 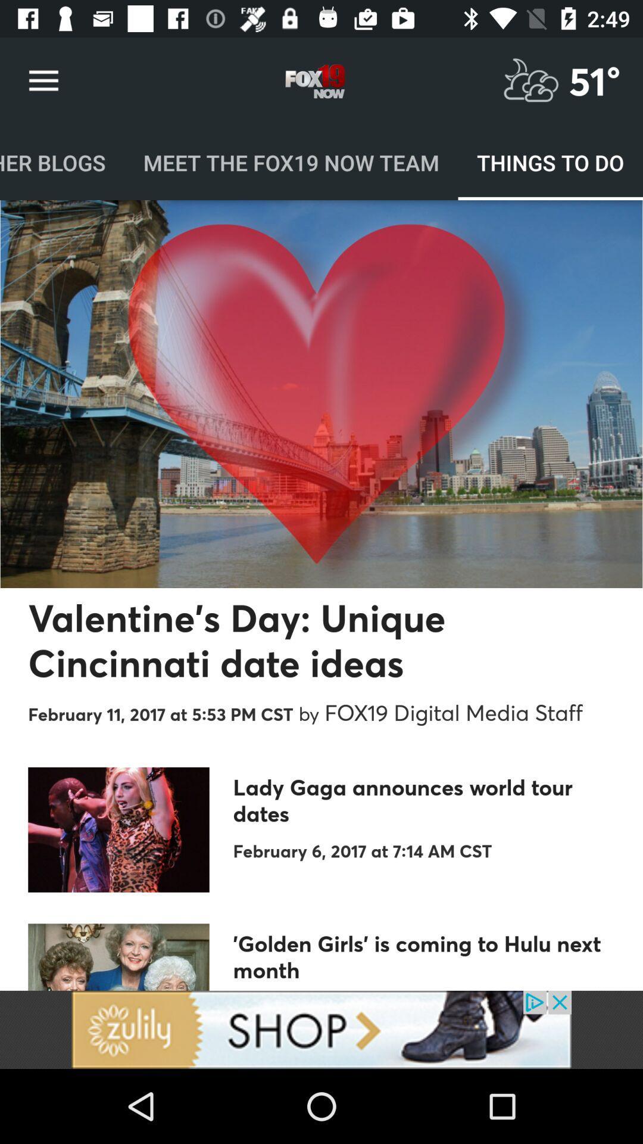 I want to click on of the option, so click(x=321, y=1029).